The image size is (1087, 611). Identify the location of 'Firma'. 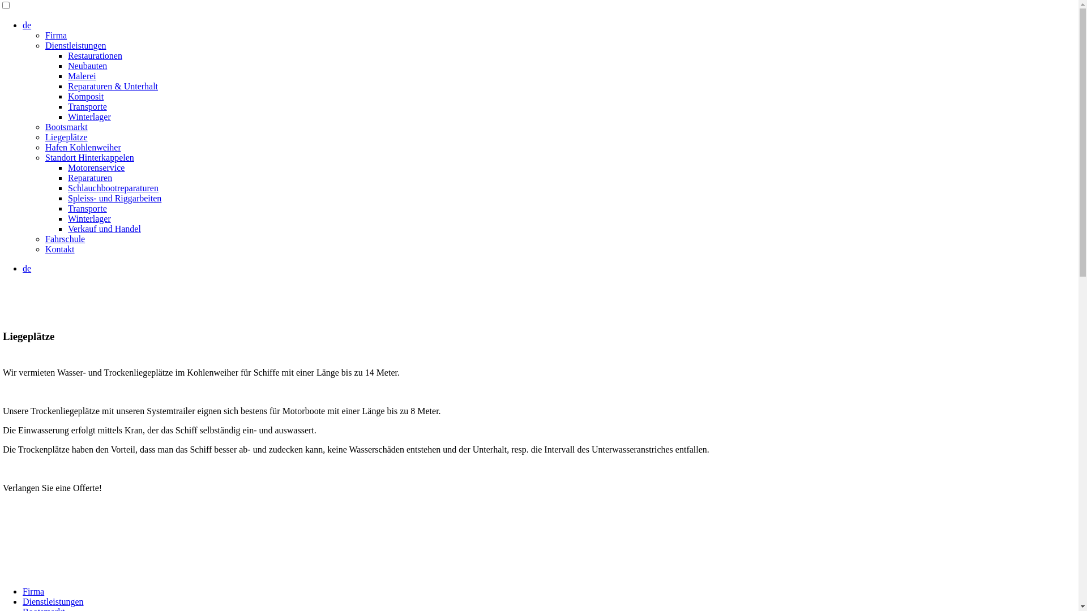
(33, 591).